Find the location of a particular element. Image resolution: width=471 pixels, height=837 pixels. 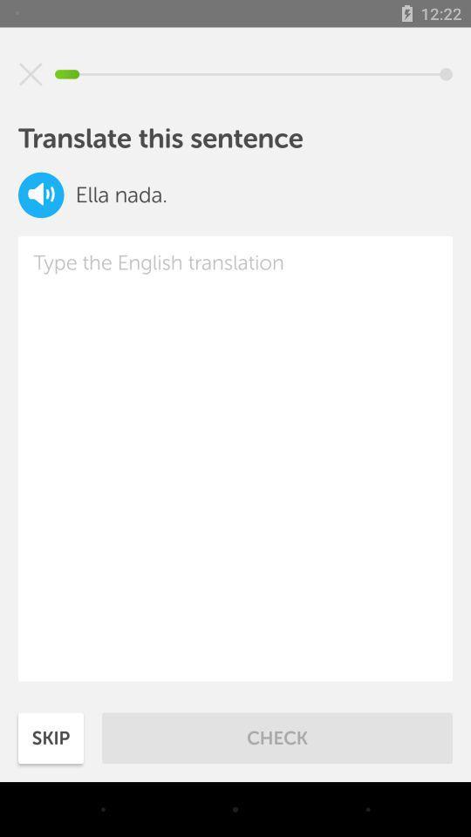

icon next to skip item is located at coordinates (277, 737).